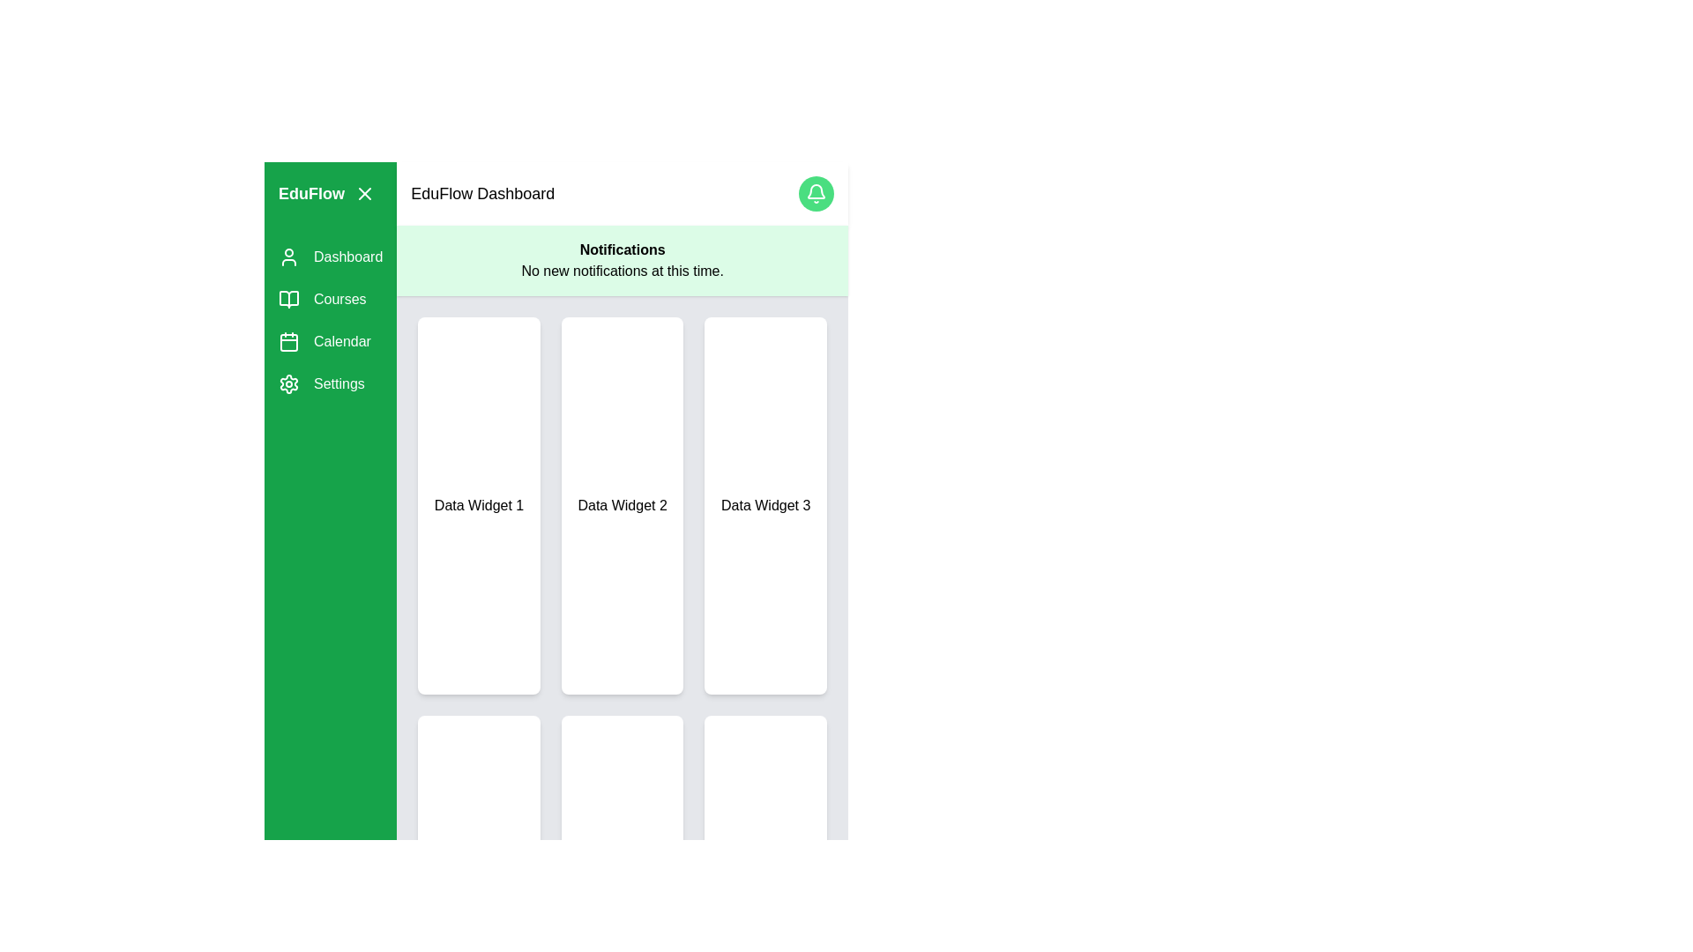 This screenshot has height=952, width=1693. What do you see at coordinates (623, 271) in the screenshot?
I see `the text label displaying 'No new notifications at this time.' which is located below the 'Notifications' heading within a green background area` at bounding box center [623, 271].